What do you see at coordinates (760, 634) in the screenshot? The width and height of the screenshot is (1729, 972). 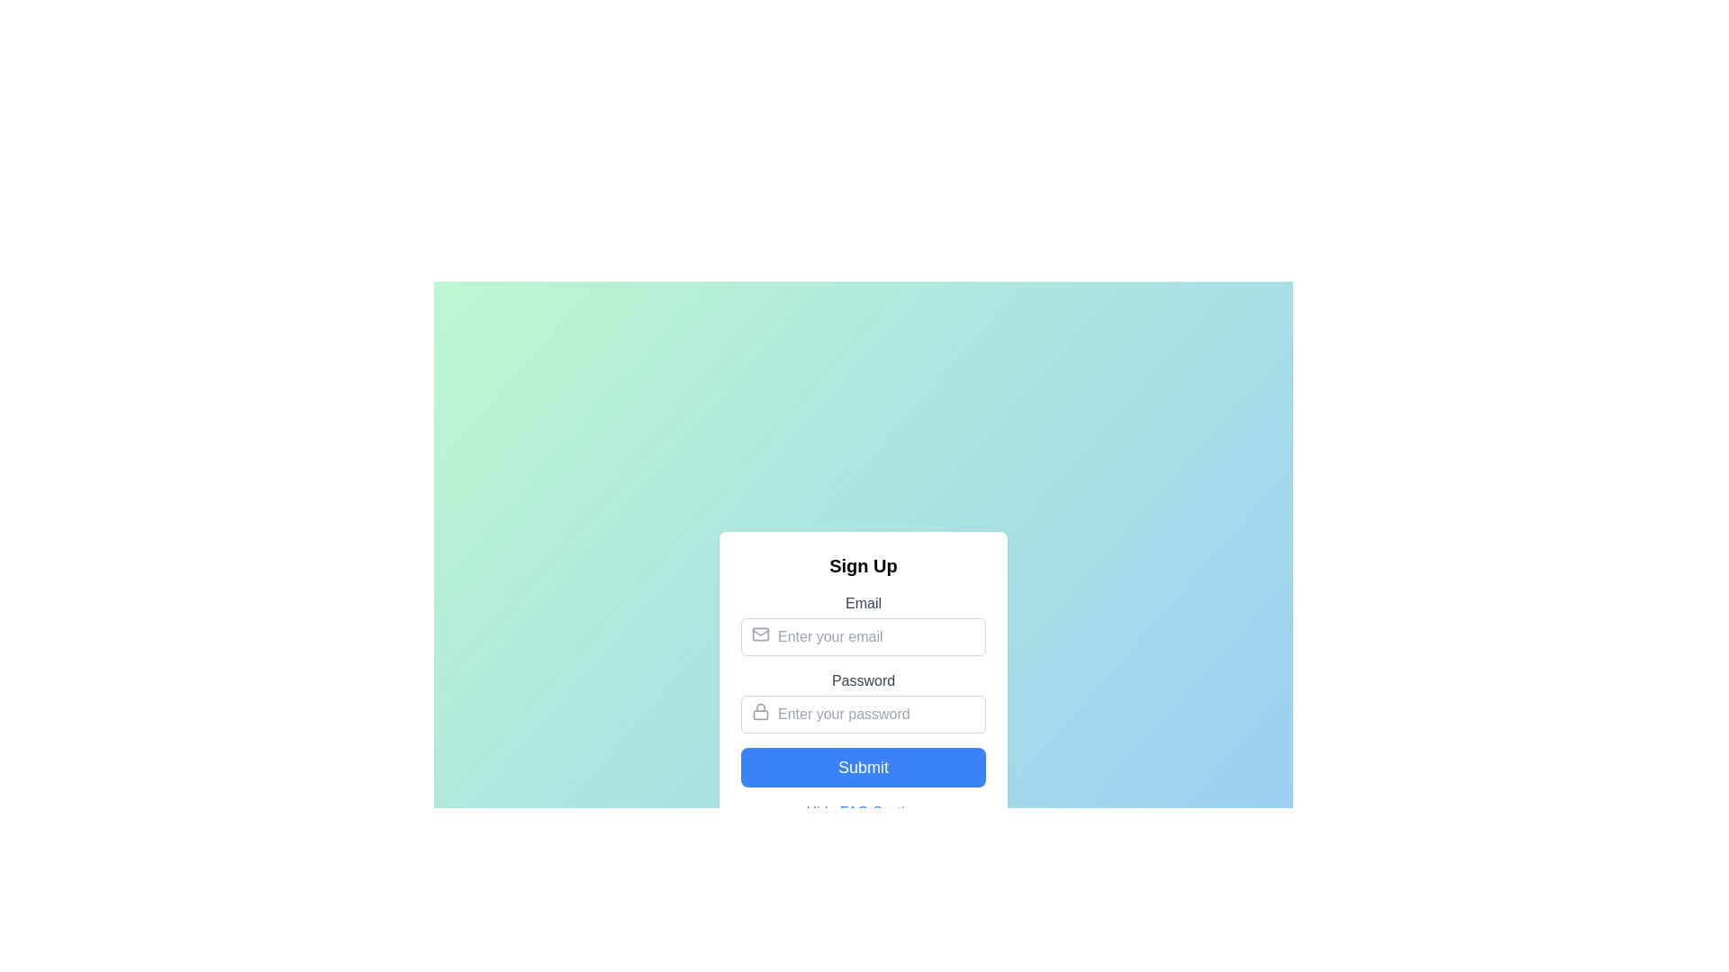 I see `the decorative rectangle within the envelope-shaped icon located next to the 'Enter your email' text input field in the sign-up form` at bounding box center [760, 634].